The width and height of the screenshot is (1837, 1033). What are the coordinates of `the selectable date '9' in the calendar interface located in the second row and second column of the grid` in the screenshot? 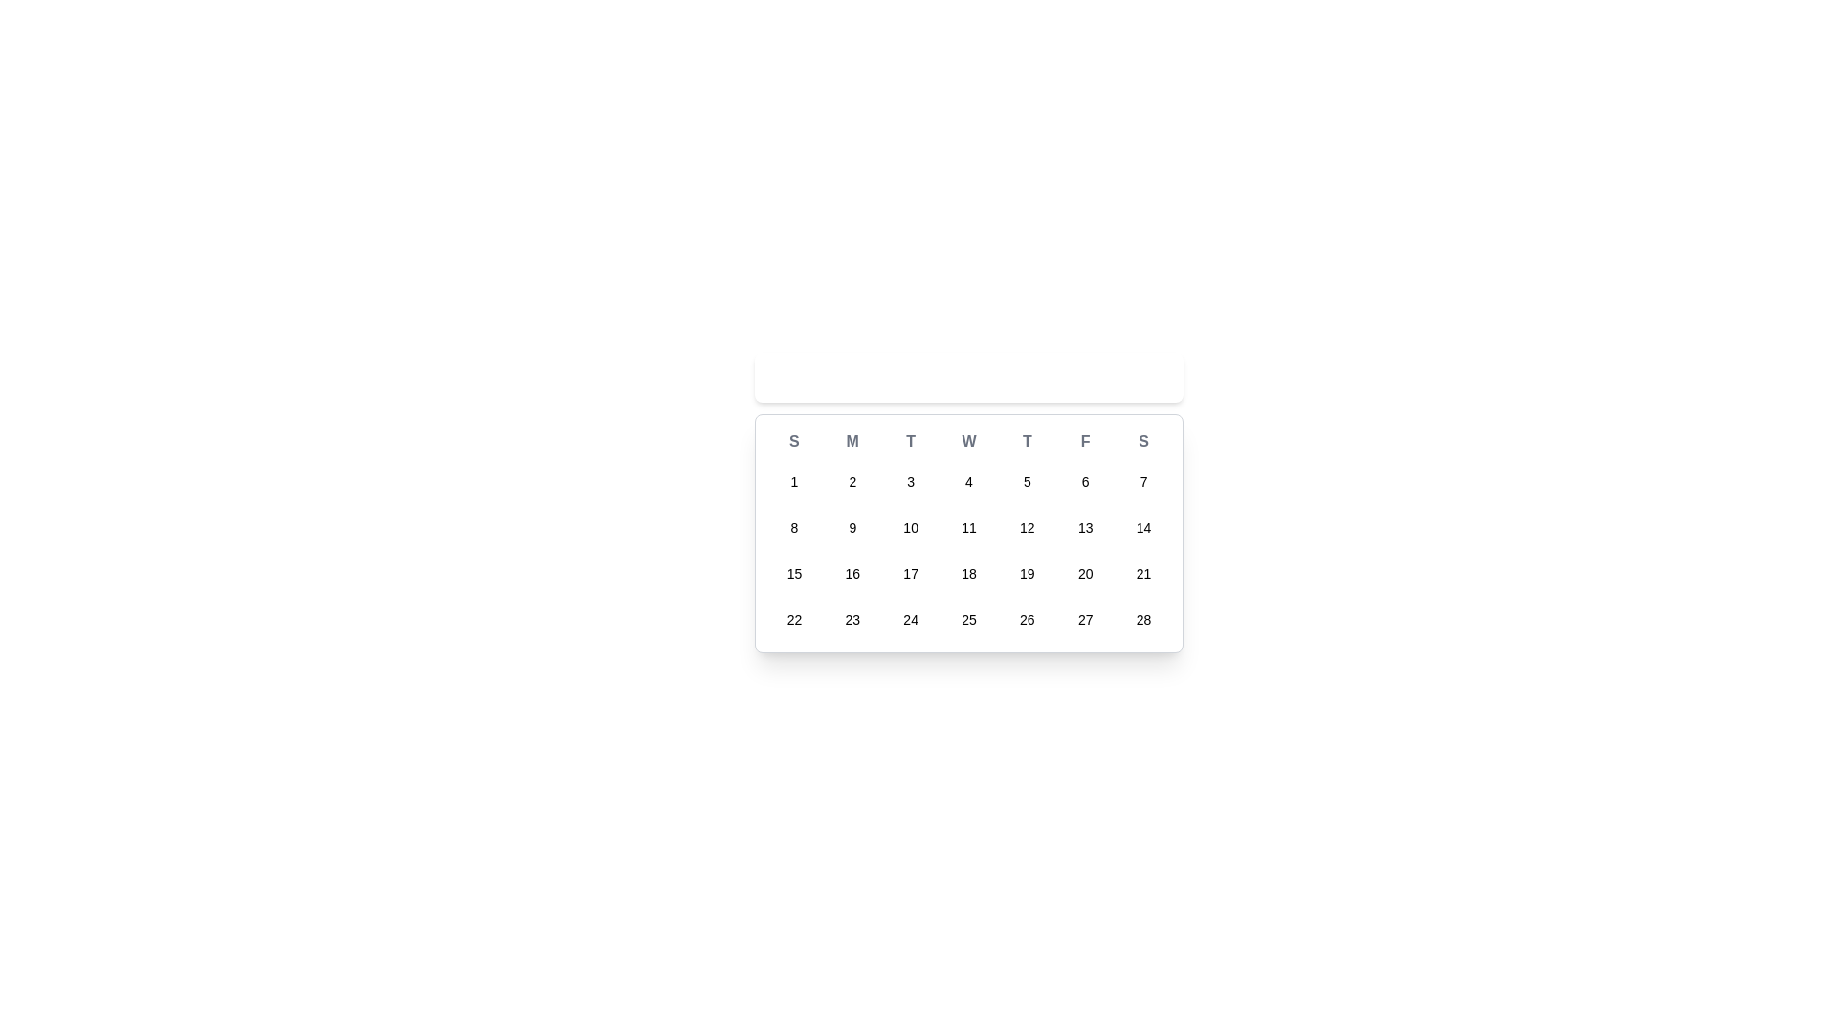 It's located at (852, 527).